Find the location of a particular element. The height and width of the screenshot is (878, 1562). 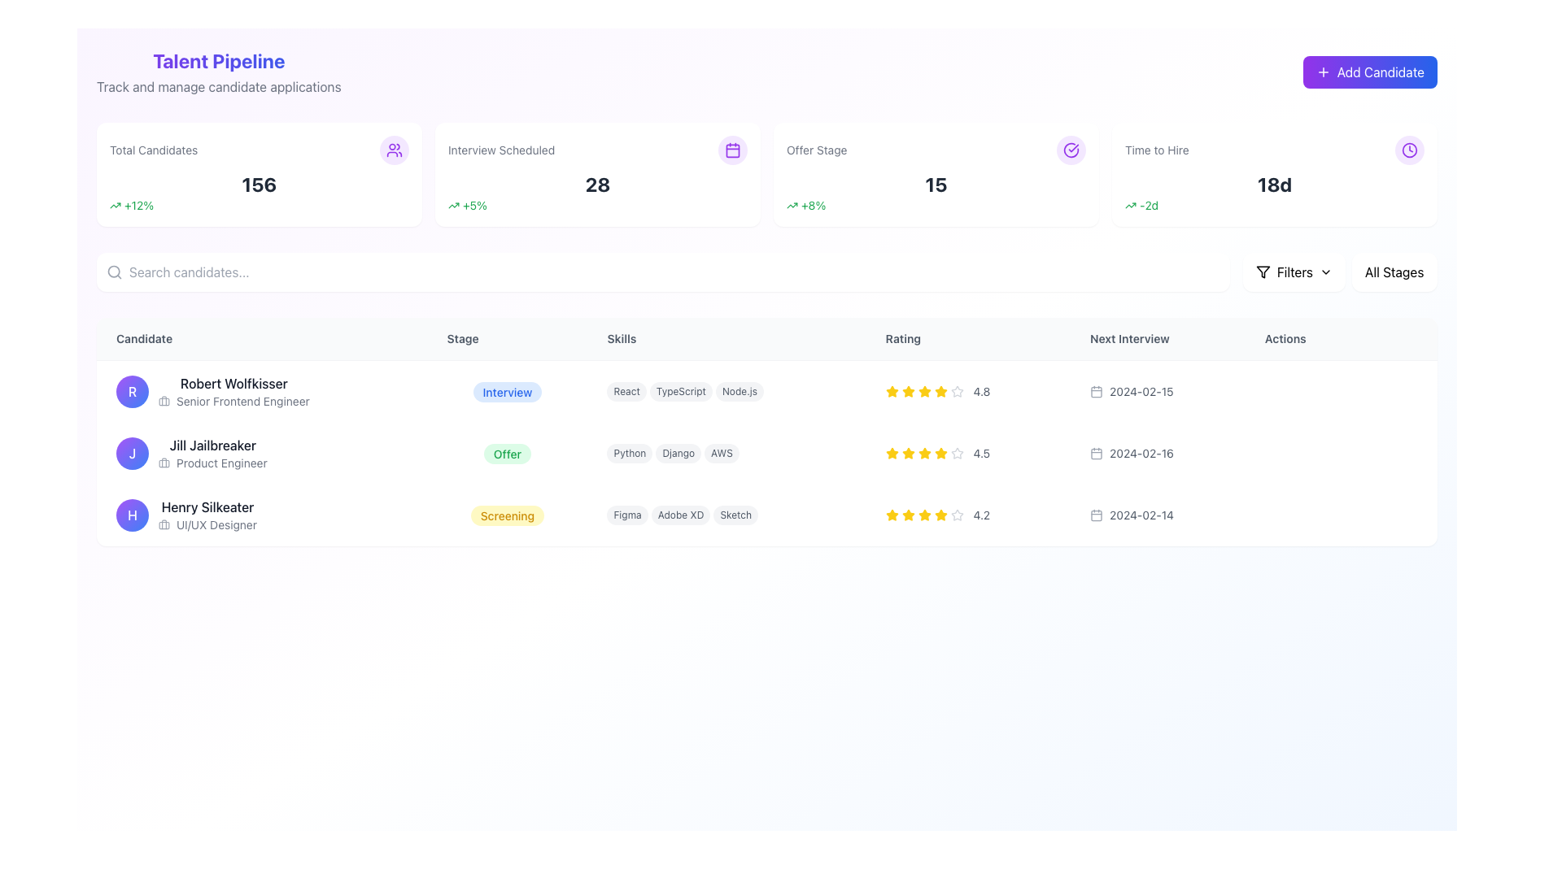

the candidate profile entry in the second row under the 'Candidate' column is located at coordinates (262, 454).